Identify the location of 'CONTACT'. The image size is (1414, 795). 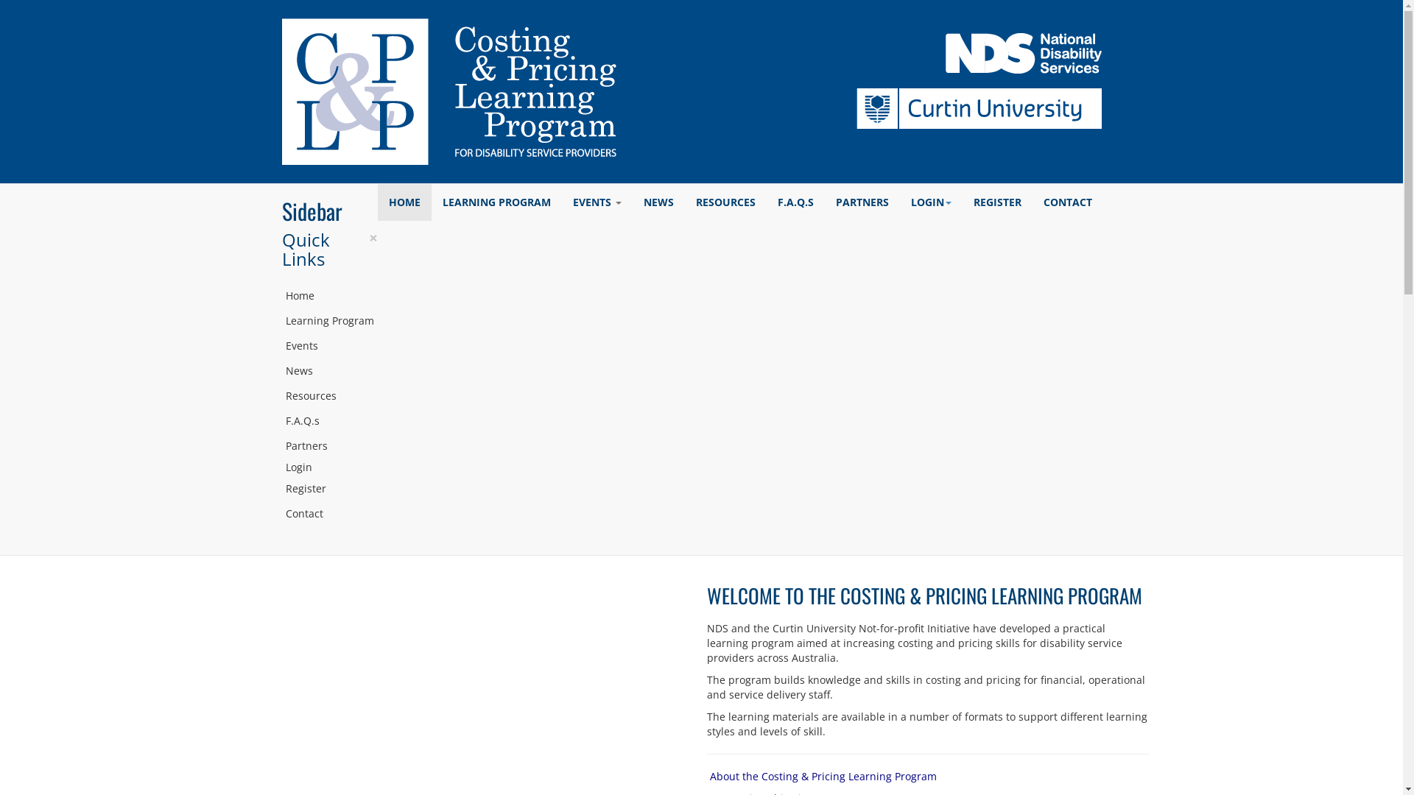
(1067, 202).